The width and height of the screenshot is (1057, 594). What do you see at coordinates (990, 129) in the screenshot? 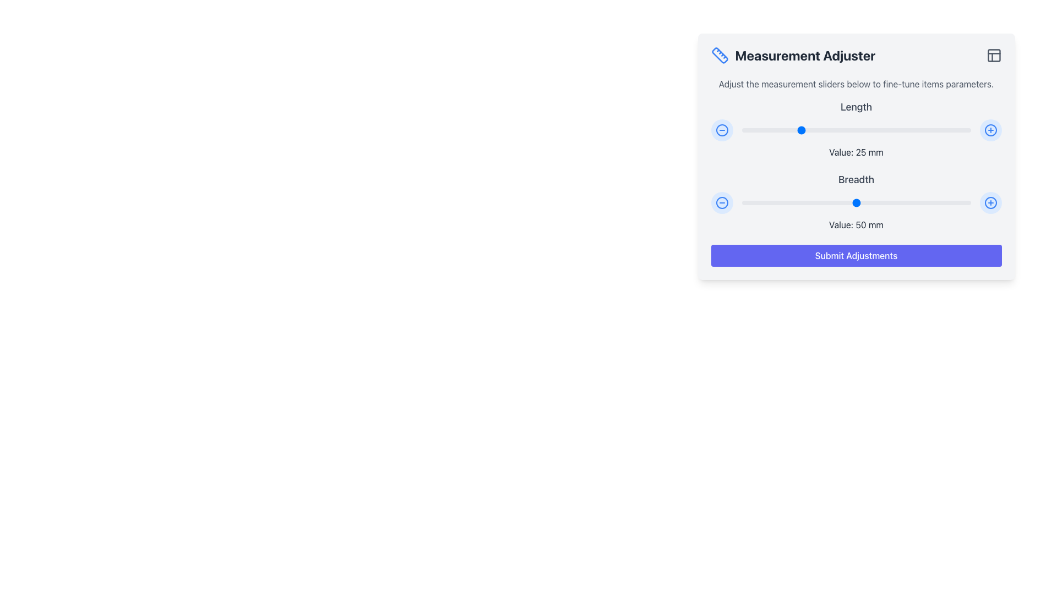
I see `the third button in the horizontal arrangement of controls to increase the value of the 'Length' parameter` at bounding box center [990, 129].